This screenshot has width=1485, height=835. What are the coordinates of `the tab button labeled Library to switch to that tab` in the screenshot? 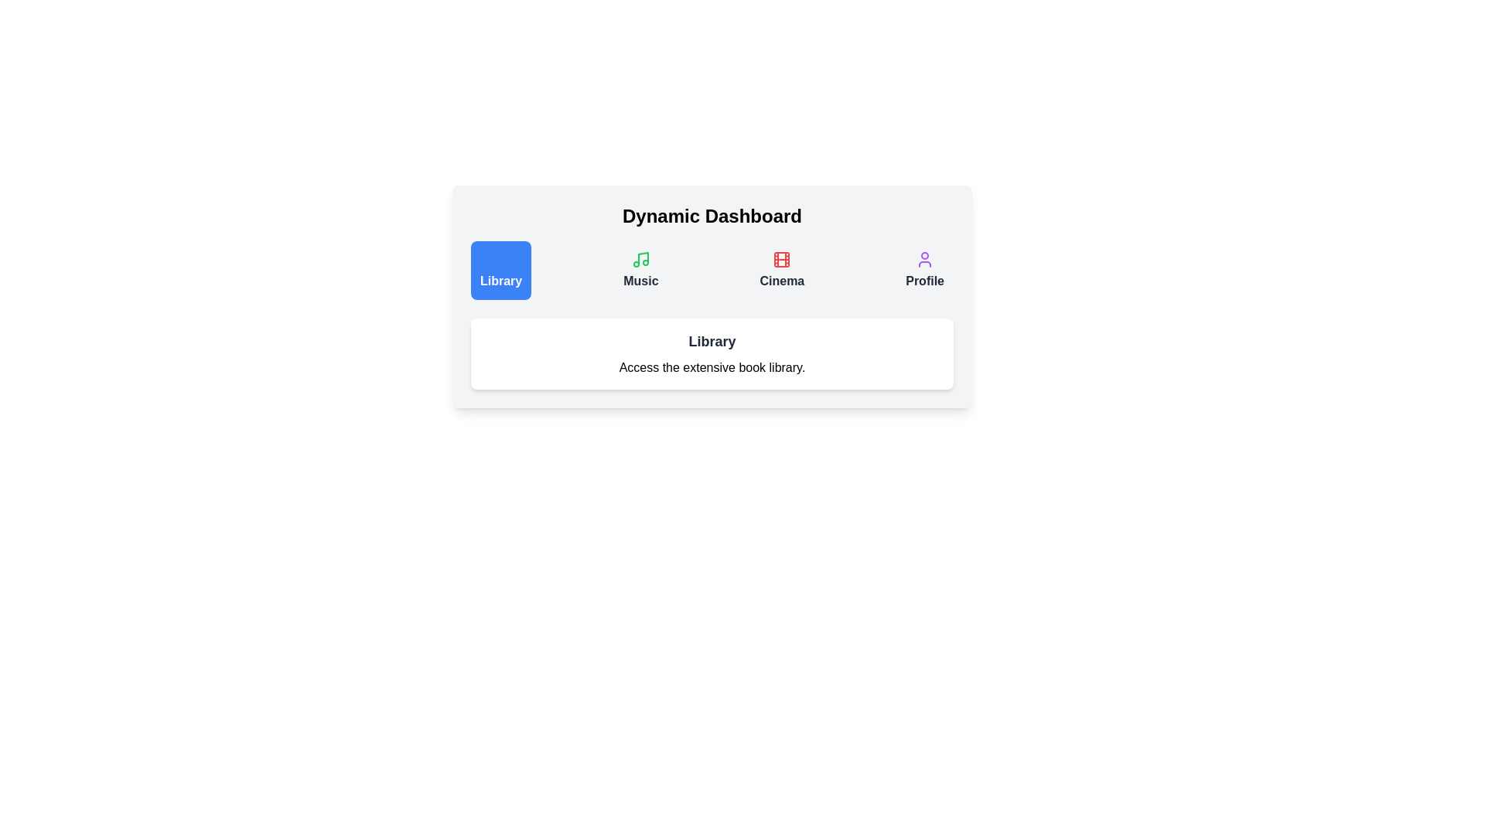 It's located at (501, 270).